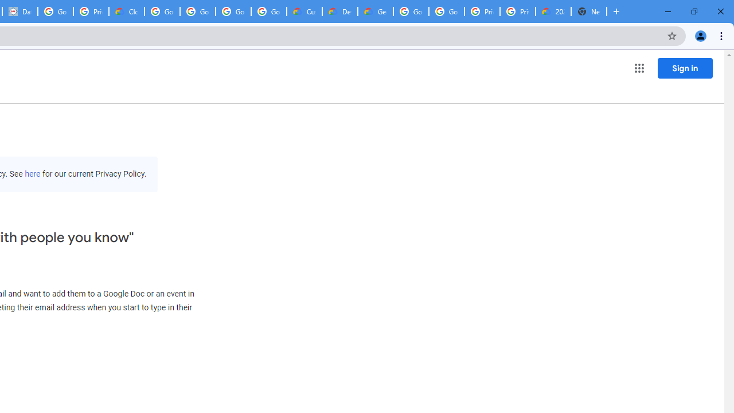  I want to click on 'Customer Care | Google Cloud', so click(304, 11).